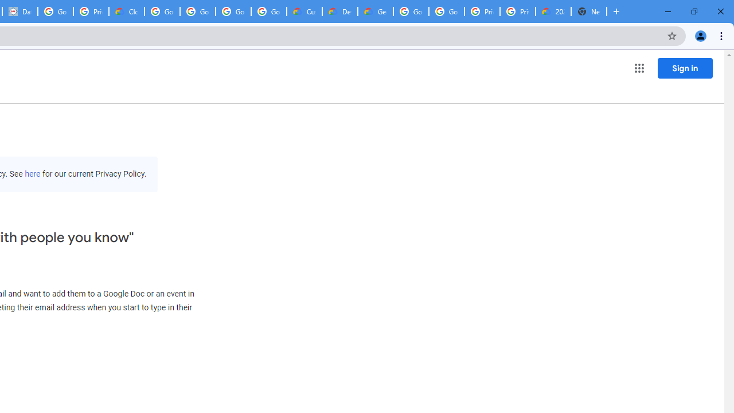  I want to click on 'Customer Care | Google Cloud', so click(304, 11).